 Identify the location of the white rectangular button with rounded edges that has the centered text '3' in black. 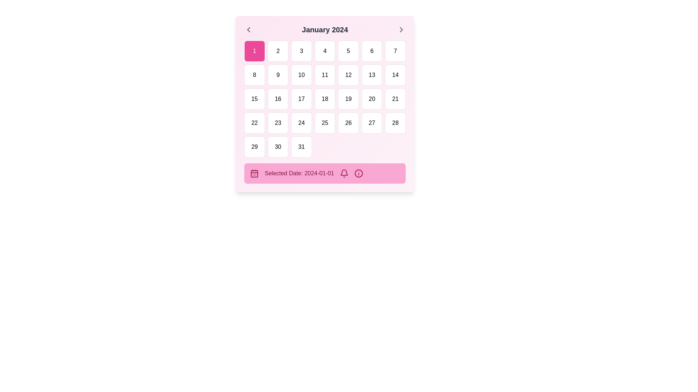
(301, 51).